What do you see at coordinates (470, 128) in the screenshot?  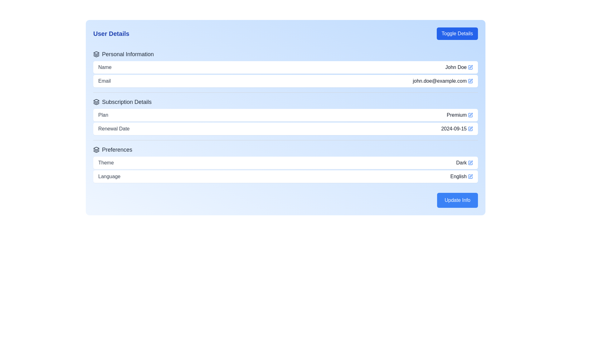 I see `the edit icon located directly to the right of the '2024-09-15' text` at bounding box center [470, 128].